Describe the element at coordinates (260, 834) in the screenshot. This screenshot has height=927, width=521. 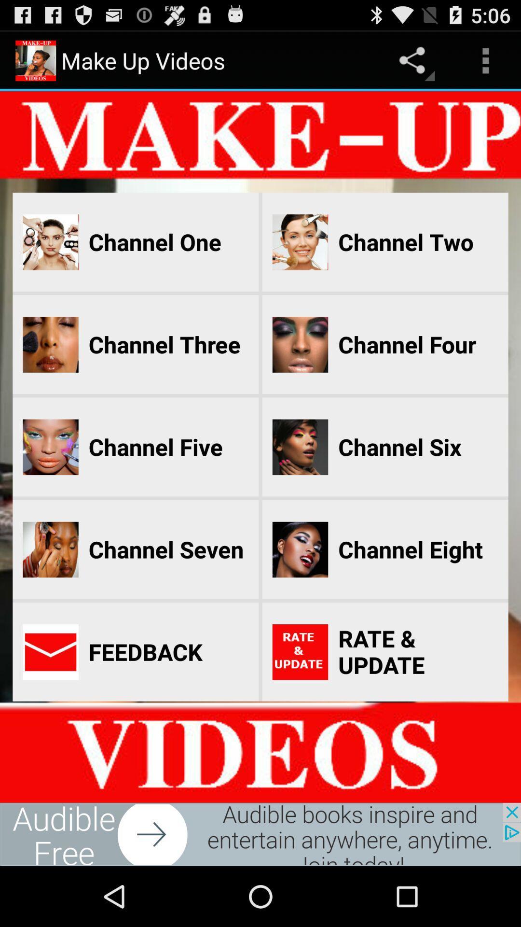
I see `advertisement` at that location.